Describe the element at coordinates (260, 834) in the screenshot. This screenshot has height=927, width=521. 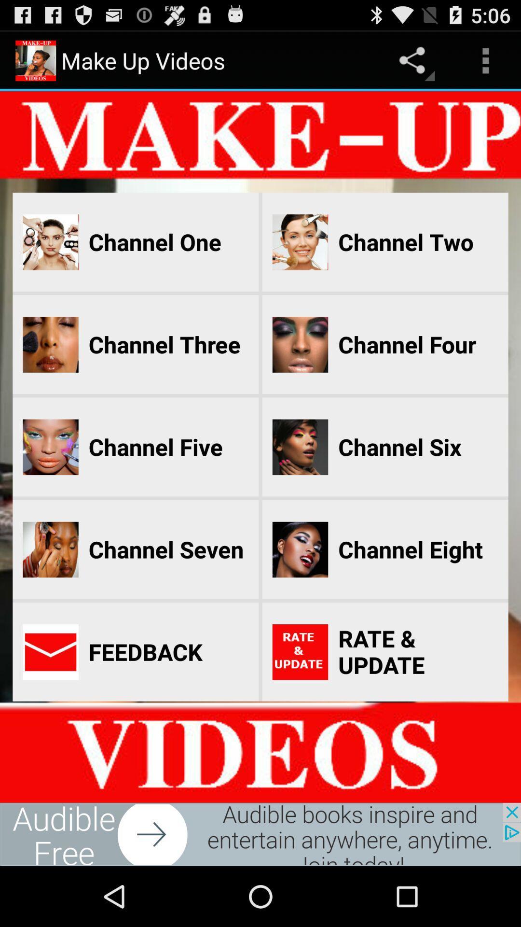
I see `advertisement` at that location.